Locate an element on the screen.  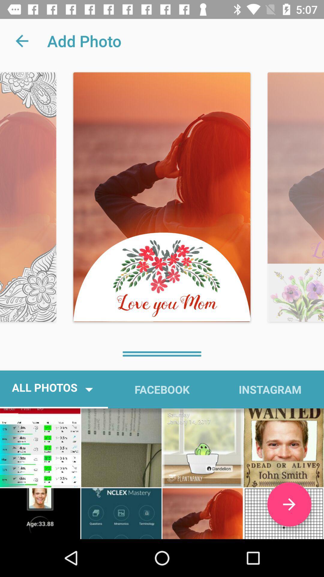
app to the left of add photo icon is located at coordinates (22, 41).